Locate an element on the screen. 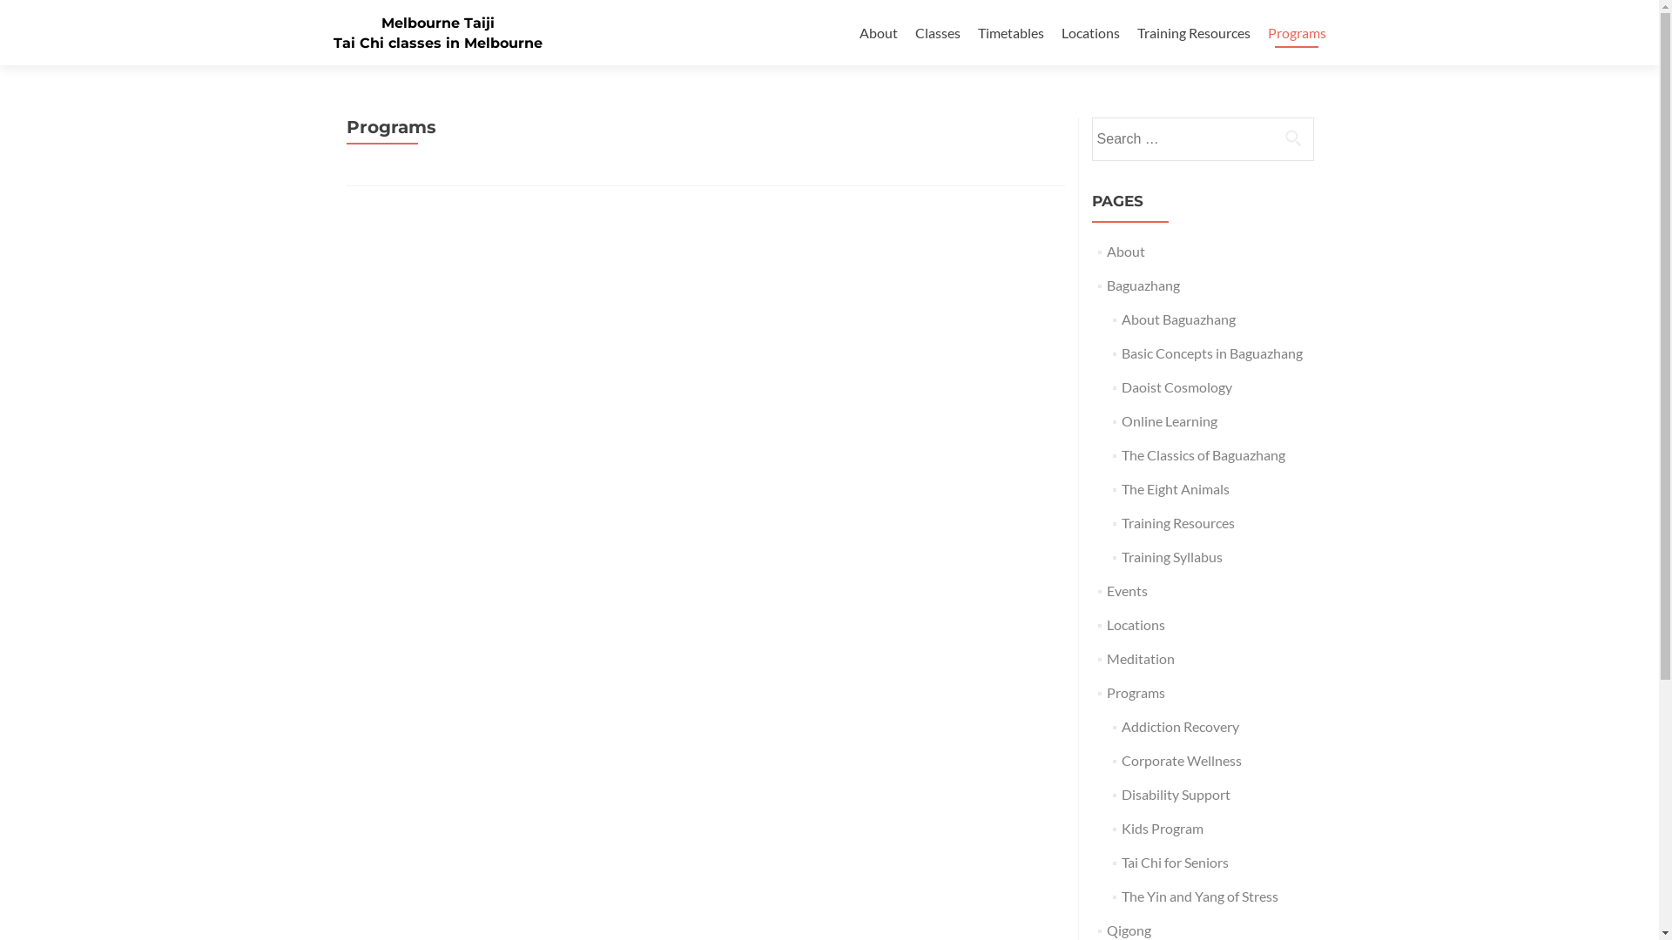 The height and width of the screenshot is (940, 1672). 'Training Syllabus' is located at coordinates (1171, 556).